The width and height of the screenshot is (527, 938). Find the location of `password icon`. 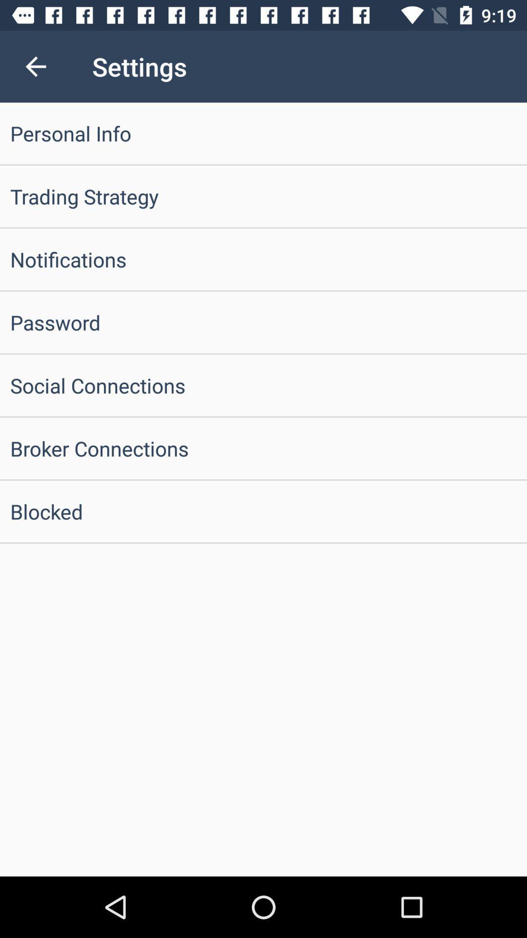

password icon is located at coordinates (263, 322).